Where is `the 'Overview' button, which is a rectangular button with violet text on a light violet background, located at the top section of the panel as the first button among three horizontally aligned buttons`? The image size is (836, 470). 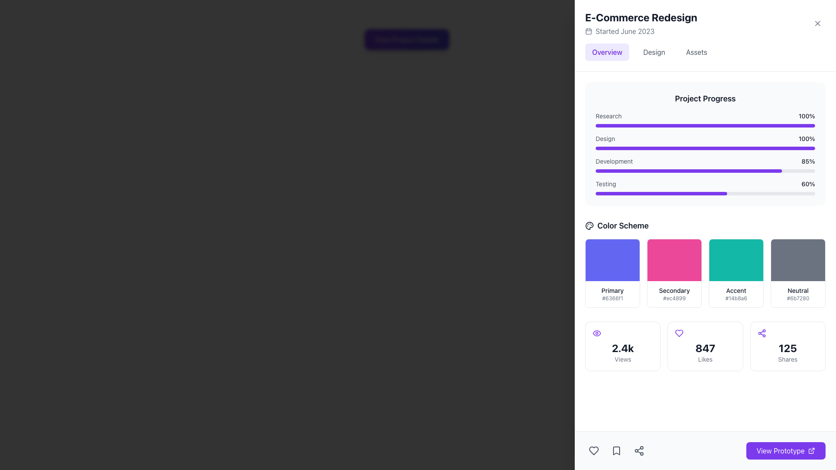
the 'Overview' button, which is a rectangular button with violet text on a light violet background, located at the top section of the panel as the first button among three horizontally aligned buttons is located at coordinates (607, 52).